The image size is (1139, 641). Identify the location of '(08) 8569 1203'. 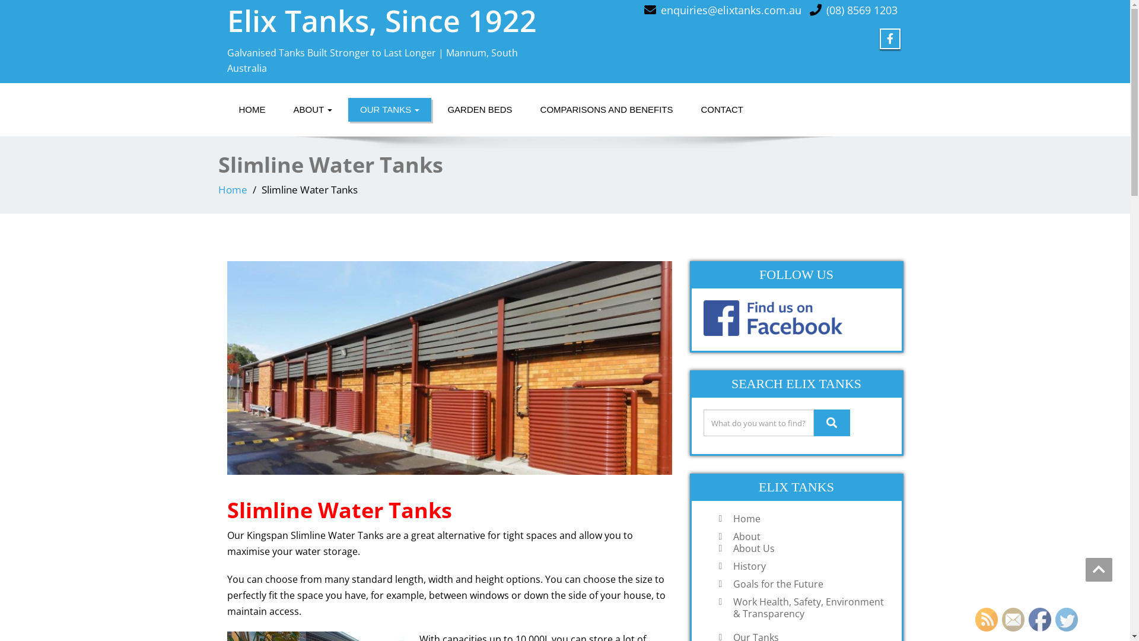
(861, 9).